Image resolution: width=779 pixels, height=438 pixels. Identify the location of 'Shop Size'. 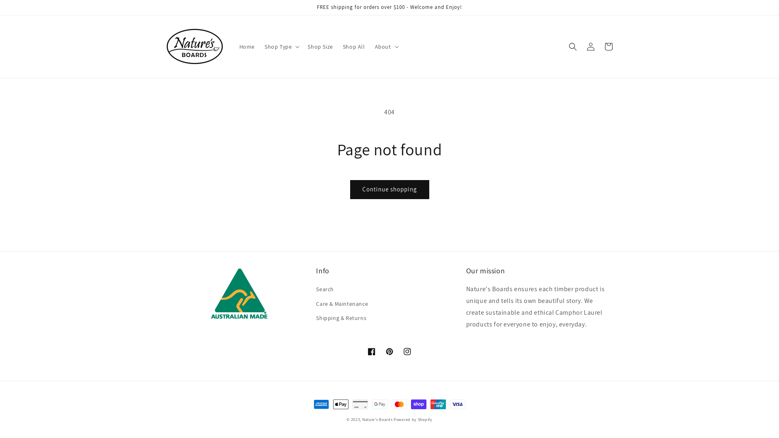
(319, 47).